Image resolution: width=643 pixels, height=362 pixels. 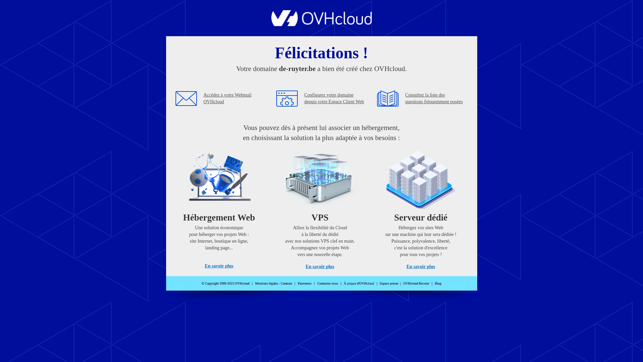 What do you see at coordinates (438, 283) in the screenshot?
I see `'Blog'` at bounding box center [438, 283].